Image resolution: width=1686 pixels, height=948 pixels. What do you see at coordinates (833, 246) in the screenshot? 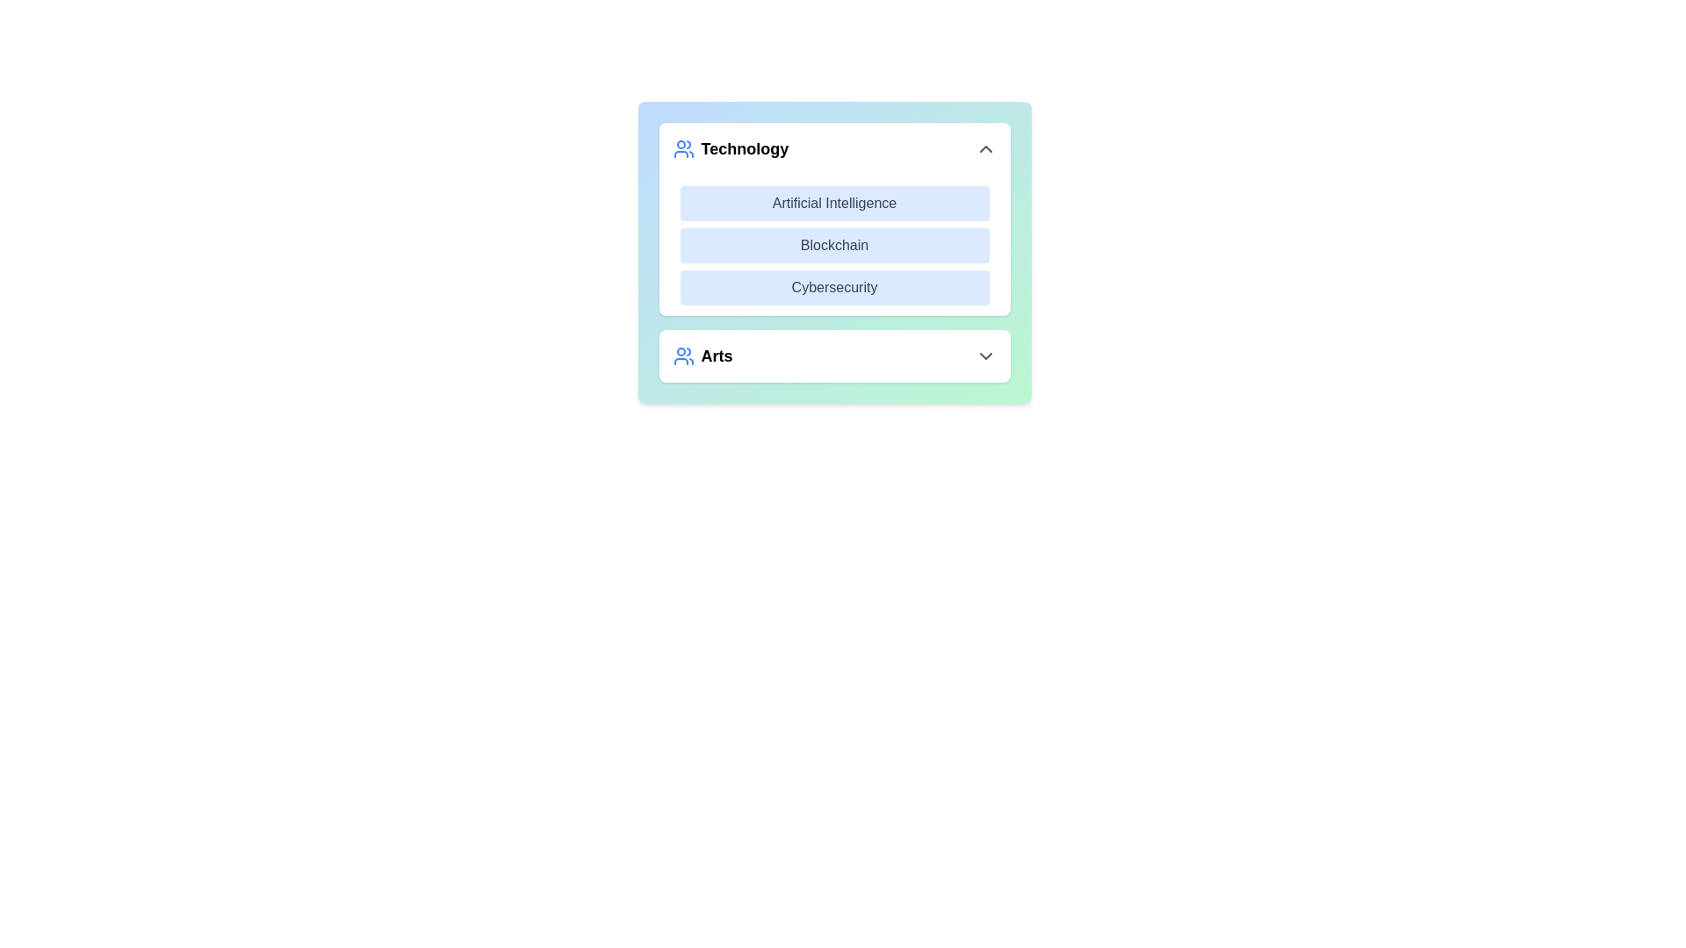
I see `the item Blockchain in the list to observe the hover effect` at bounding box center [833, 246].